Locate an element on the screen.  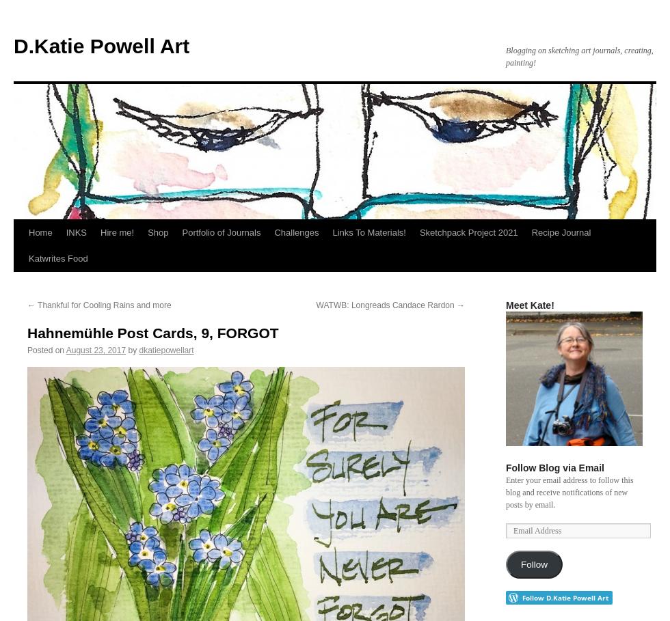
'Thankful for Cooling Rains and more' is located at coordinates (103, 304).